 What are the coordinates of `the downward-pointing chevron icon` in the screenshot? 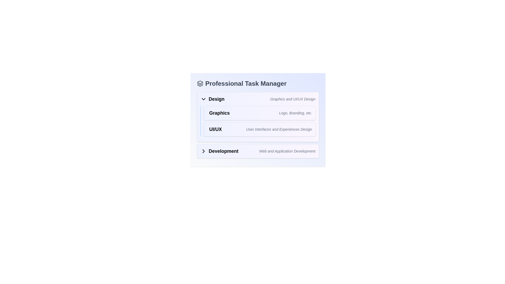 It's located at (203, 99).